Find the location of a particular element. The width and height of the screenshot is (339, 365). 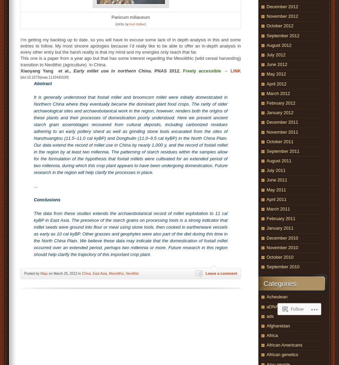

'October 2012' is located at coordinates (280, 25).